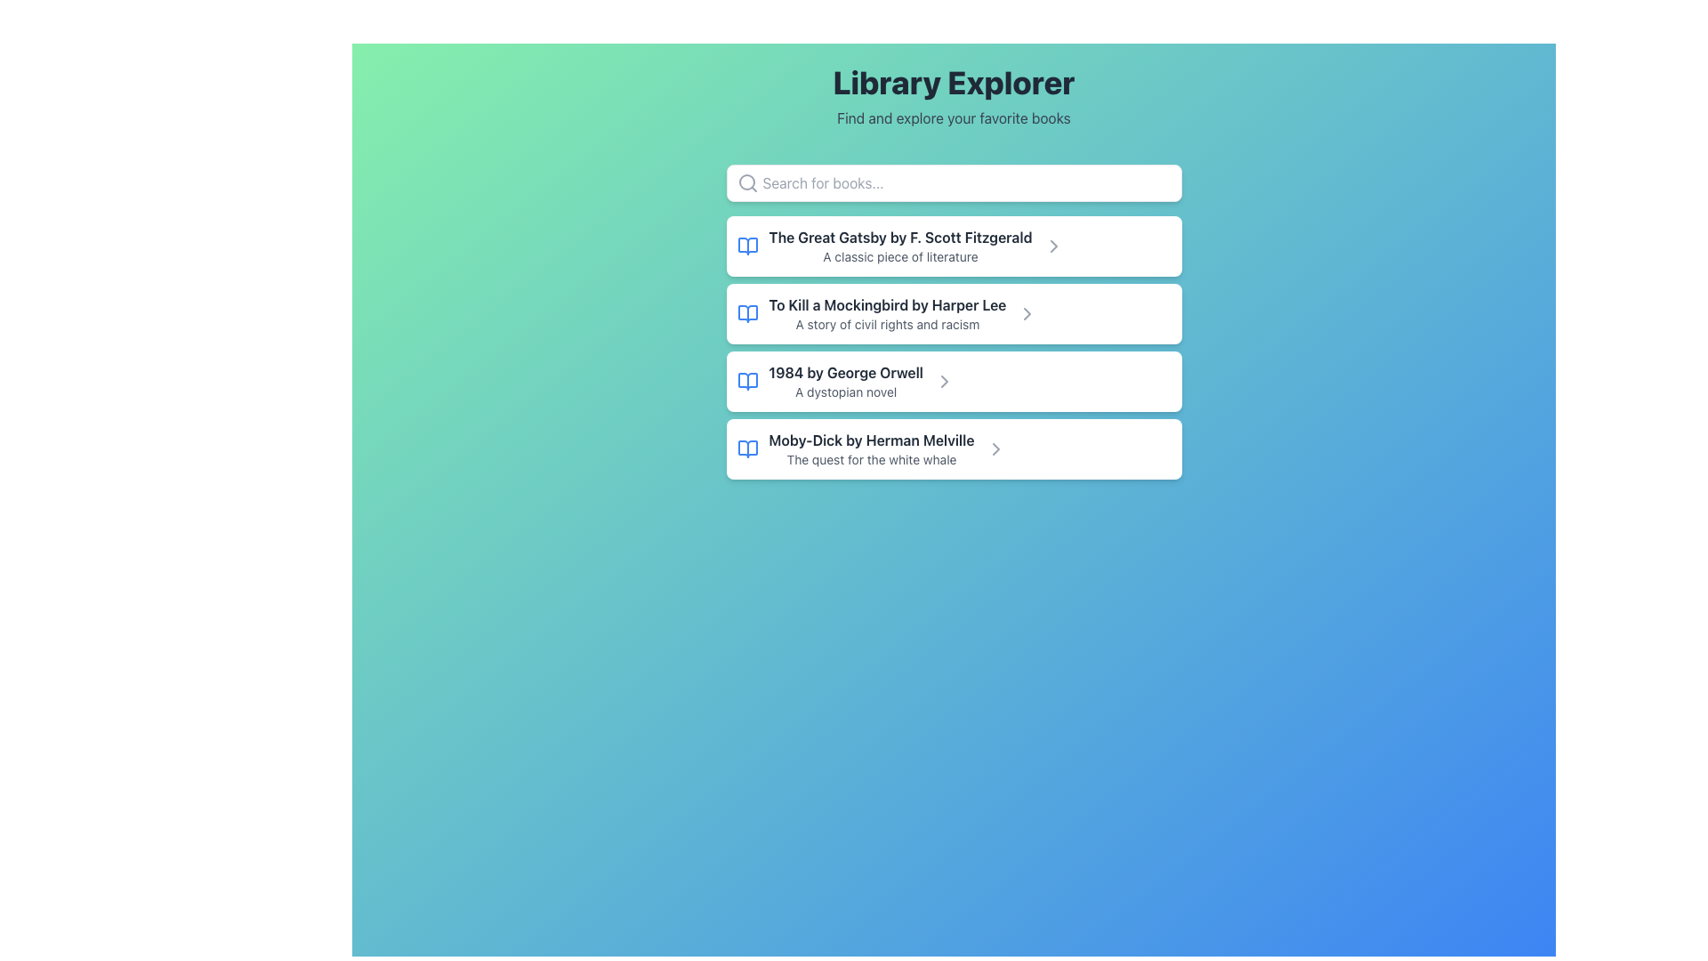 This screenshot has height=961, width=1708. I want to click on the open book icon representing the third book titled '1984 by George Orwell', which is located on the left side of the book title, so click(747, 380).